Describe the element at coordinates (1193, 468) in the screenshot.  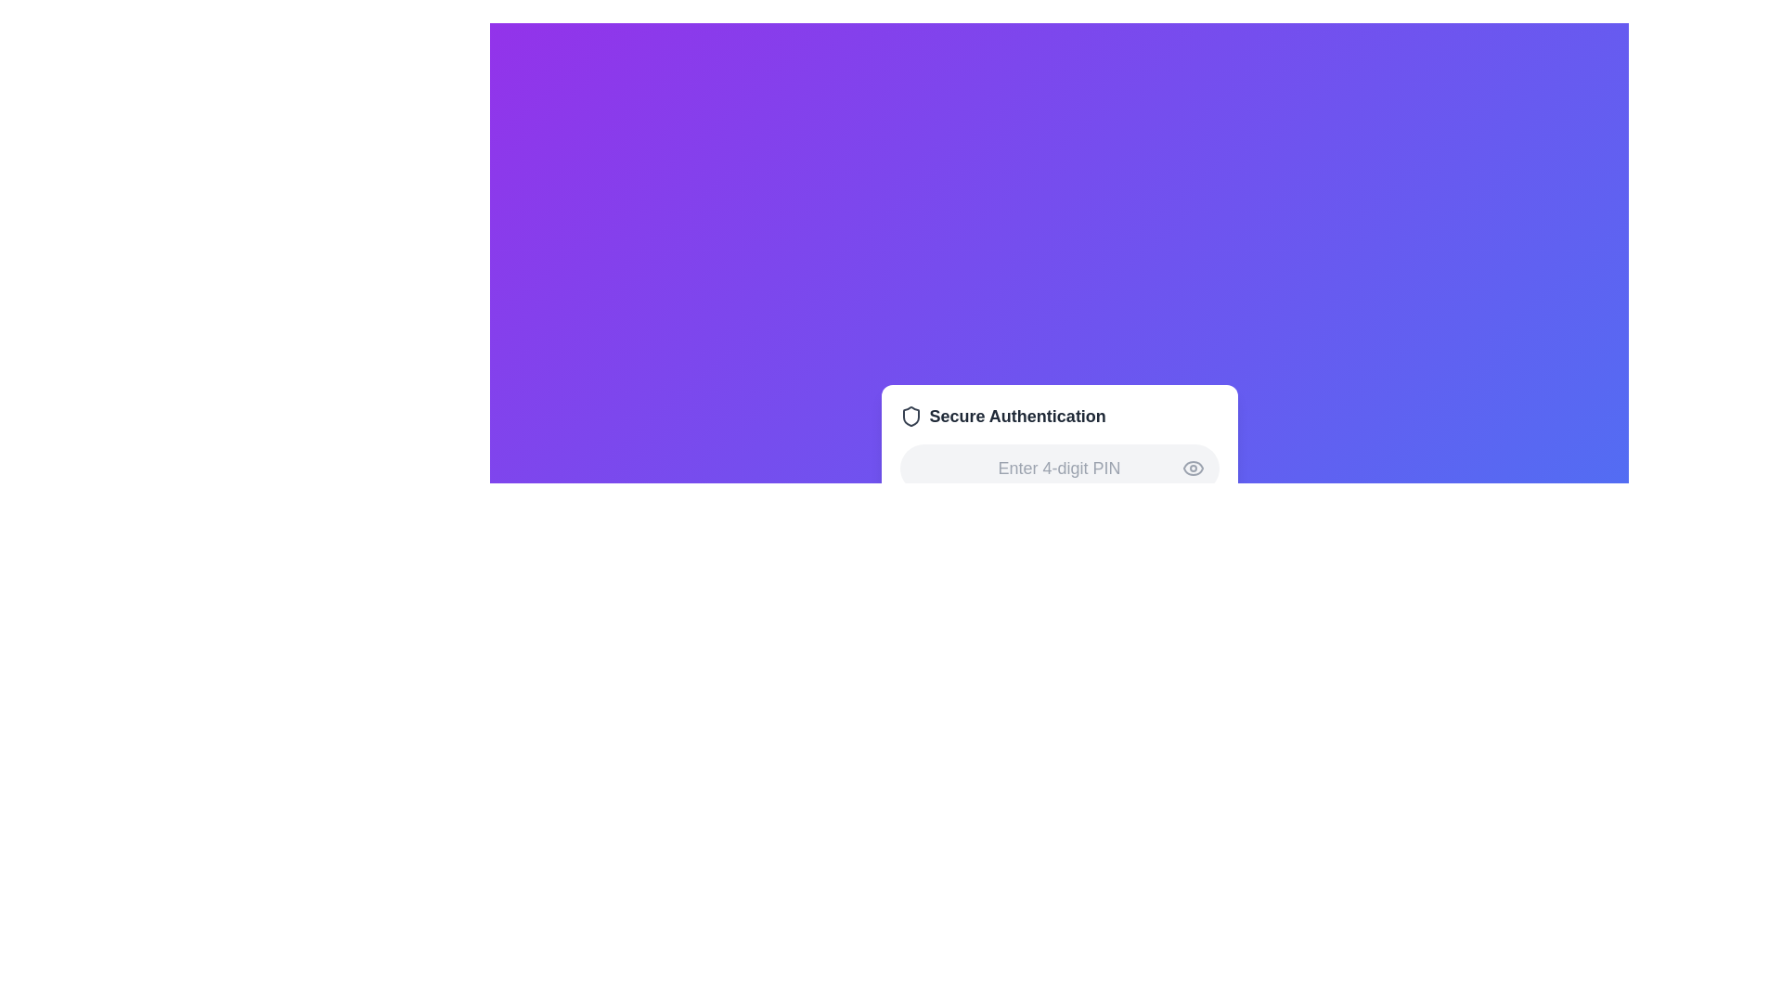
I see `the visibility toggle icon button located at the right end of the password input in the 'Secure Authentication' form` at that location.